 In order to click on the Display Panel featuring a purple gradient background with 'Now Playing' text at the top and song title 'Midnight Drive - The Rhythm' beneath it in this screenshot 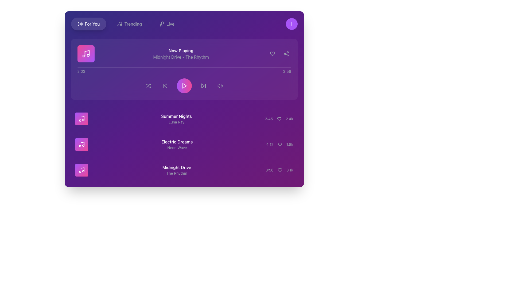, I will do `click(184, 54)`.